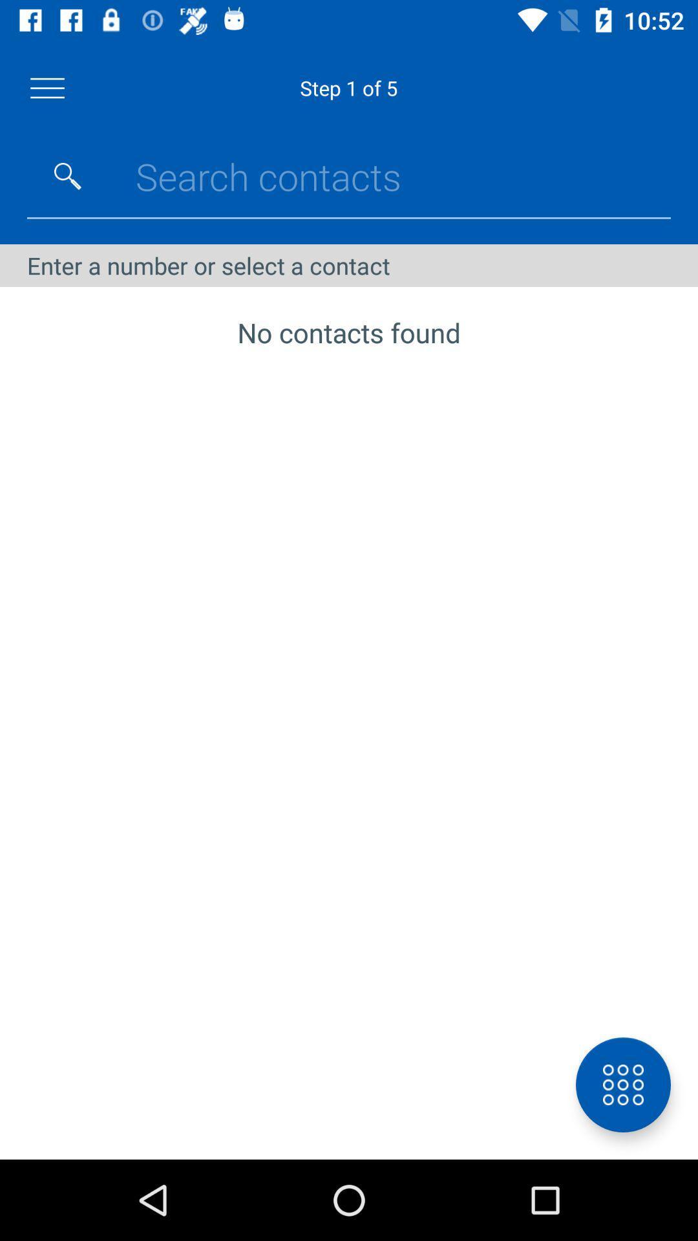 The height and width of the screenshot is (1241, 698). I want to click on the item at the bottom right corner, so click(622, 1085).